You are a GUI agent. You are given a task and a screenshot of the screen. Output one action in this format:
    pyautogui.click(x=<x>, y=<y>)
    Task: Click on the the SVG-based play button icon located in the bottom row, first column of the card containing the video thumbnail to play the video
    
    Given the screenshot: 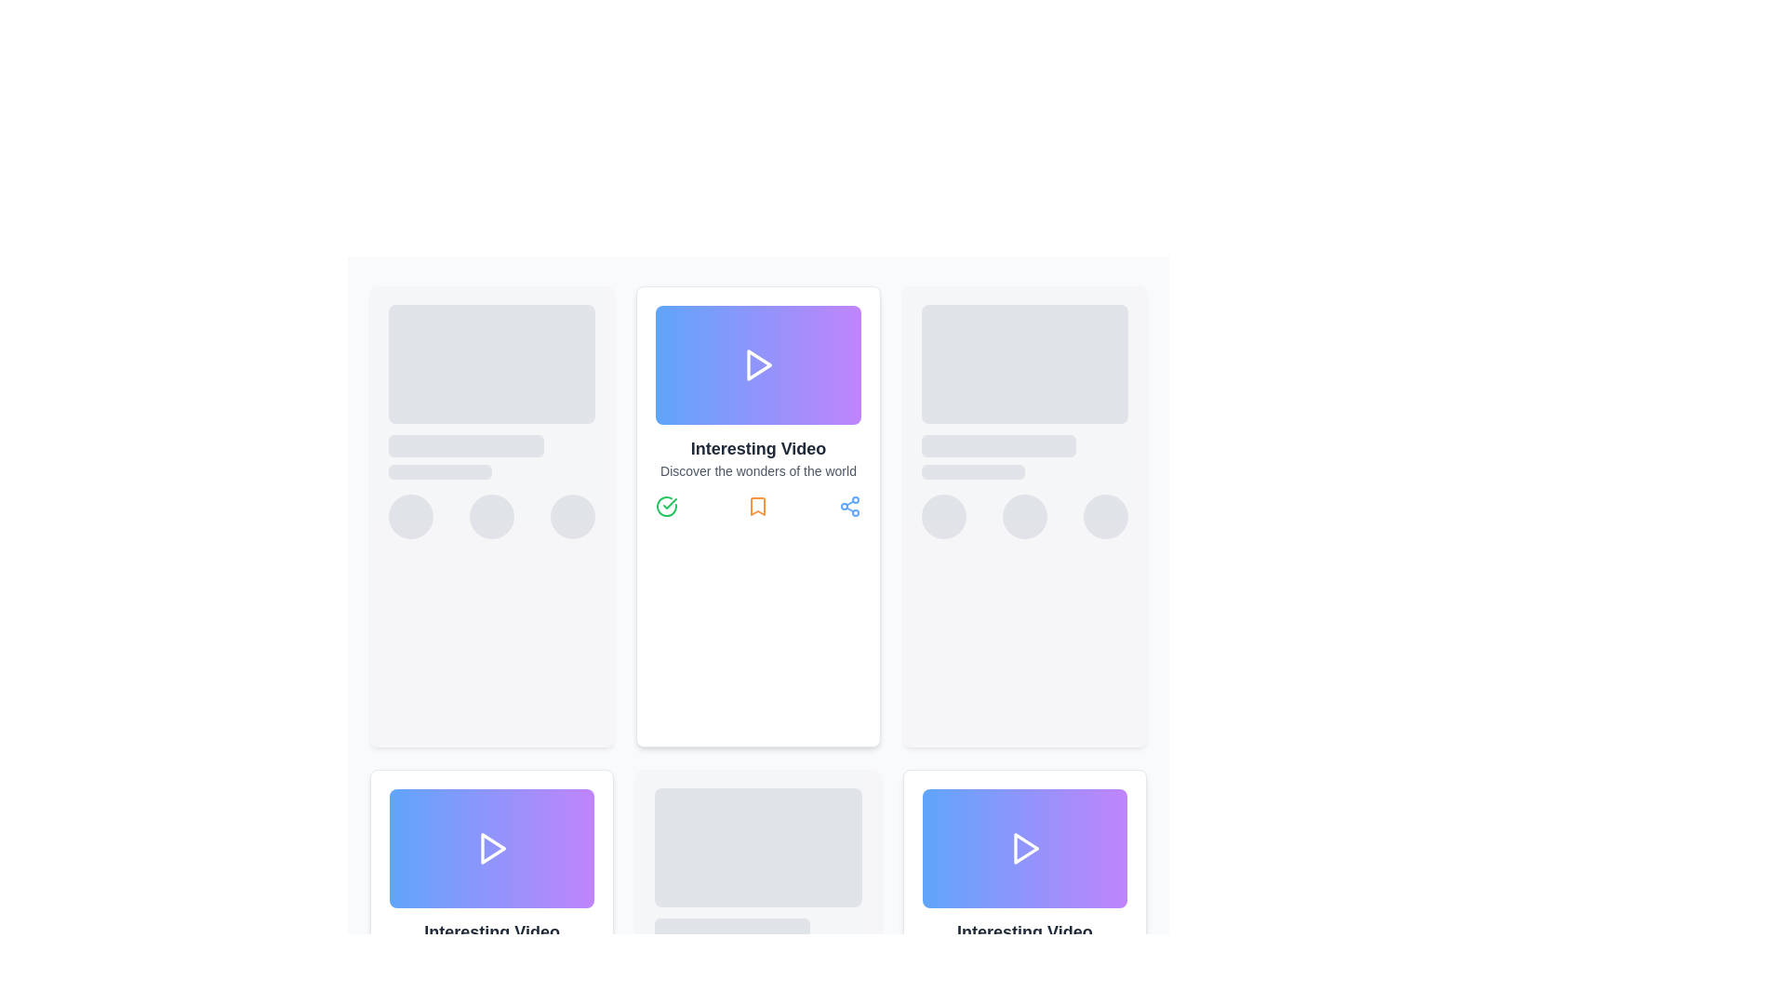 What is the action you would take?
    pyautogui.click(x=493, y=849)
    